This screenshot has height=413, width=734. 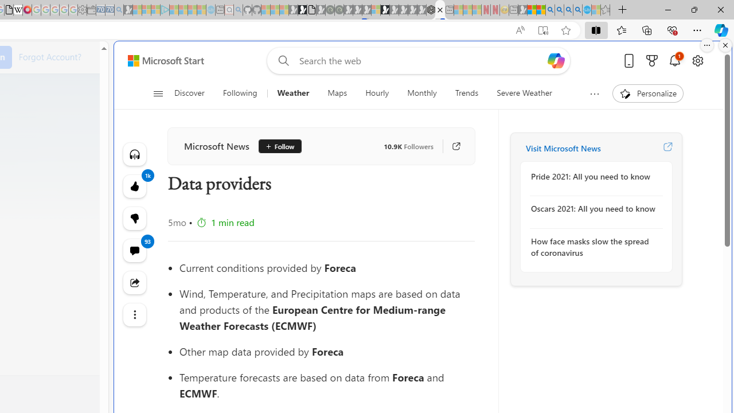 I want to click on 'Other map data provided by Foreca', so click(x=326, y=351).